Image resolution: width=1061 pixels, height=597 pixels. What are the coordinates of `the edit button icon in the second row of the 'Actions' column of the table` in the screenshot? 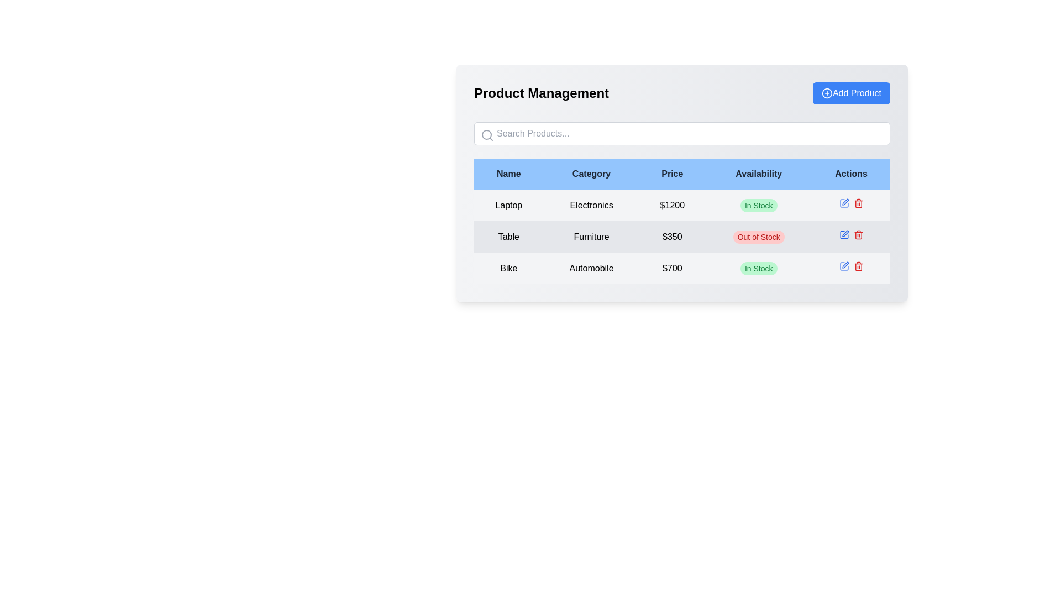 It's located at (843, 234).